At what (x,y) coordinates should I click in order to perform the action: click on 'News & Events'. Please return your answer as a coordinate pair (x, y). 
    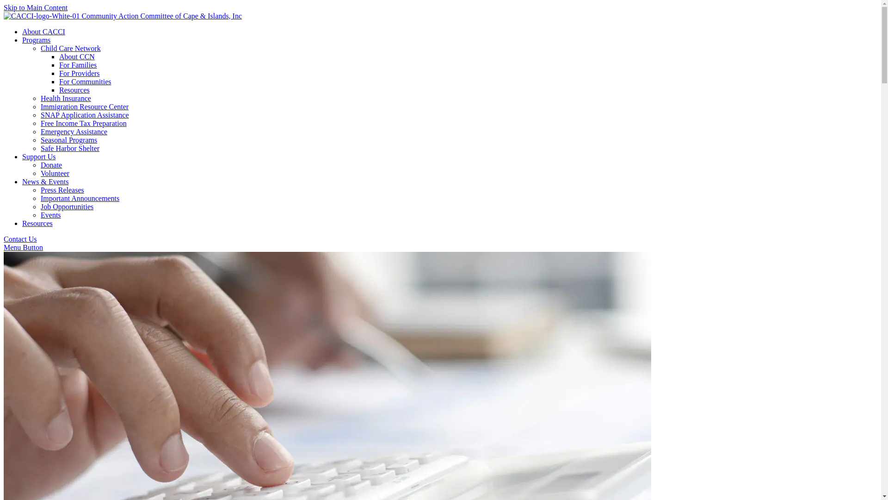
    Looking at the image, I should click on (44, 181).